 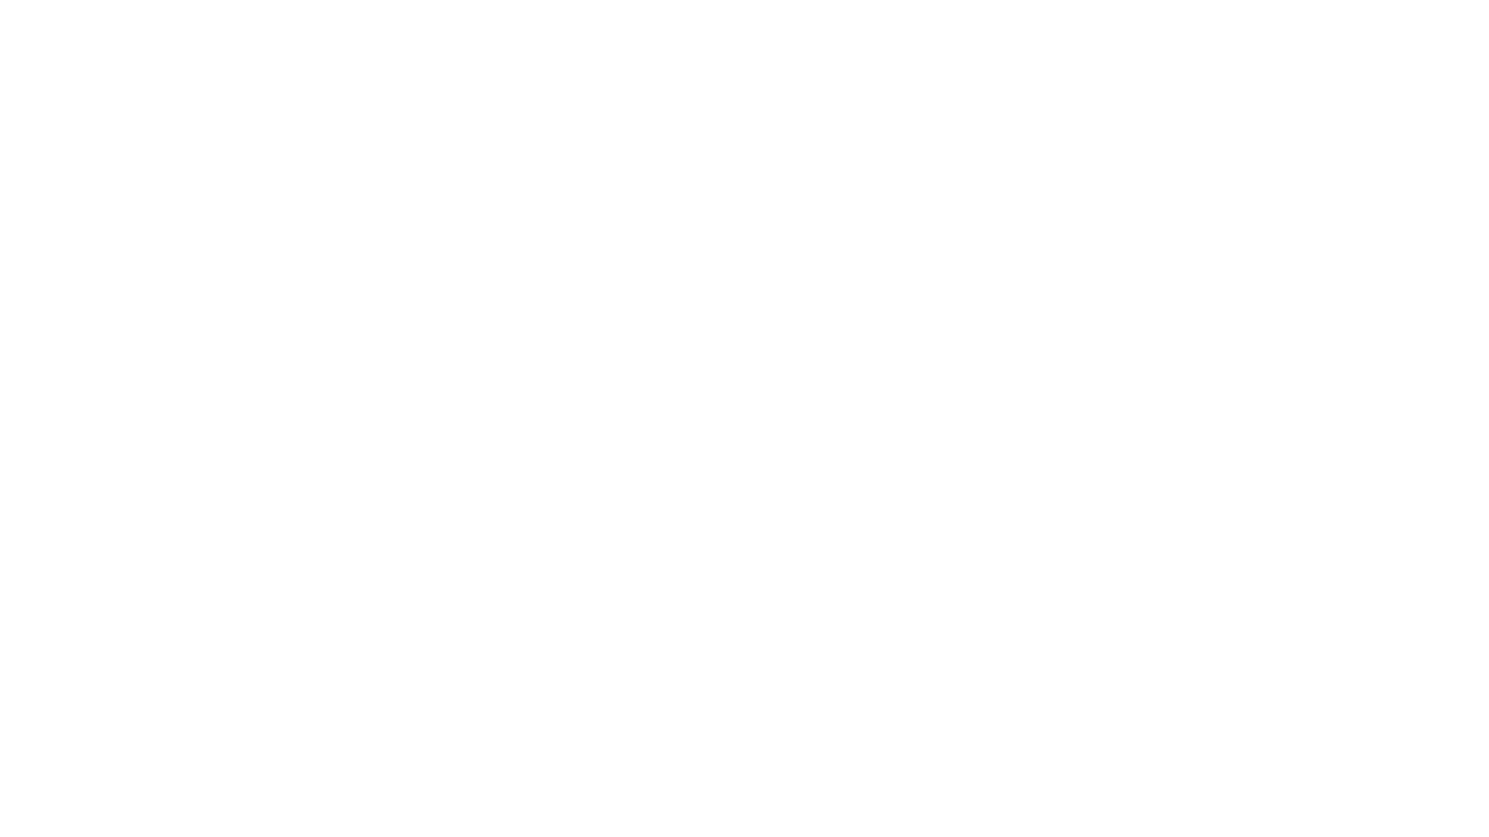 What do you see at coordinates (1072, 20) in the screenshot?
I see `Open Player Settings` at bounding box center [1072, 20].